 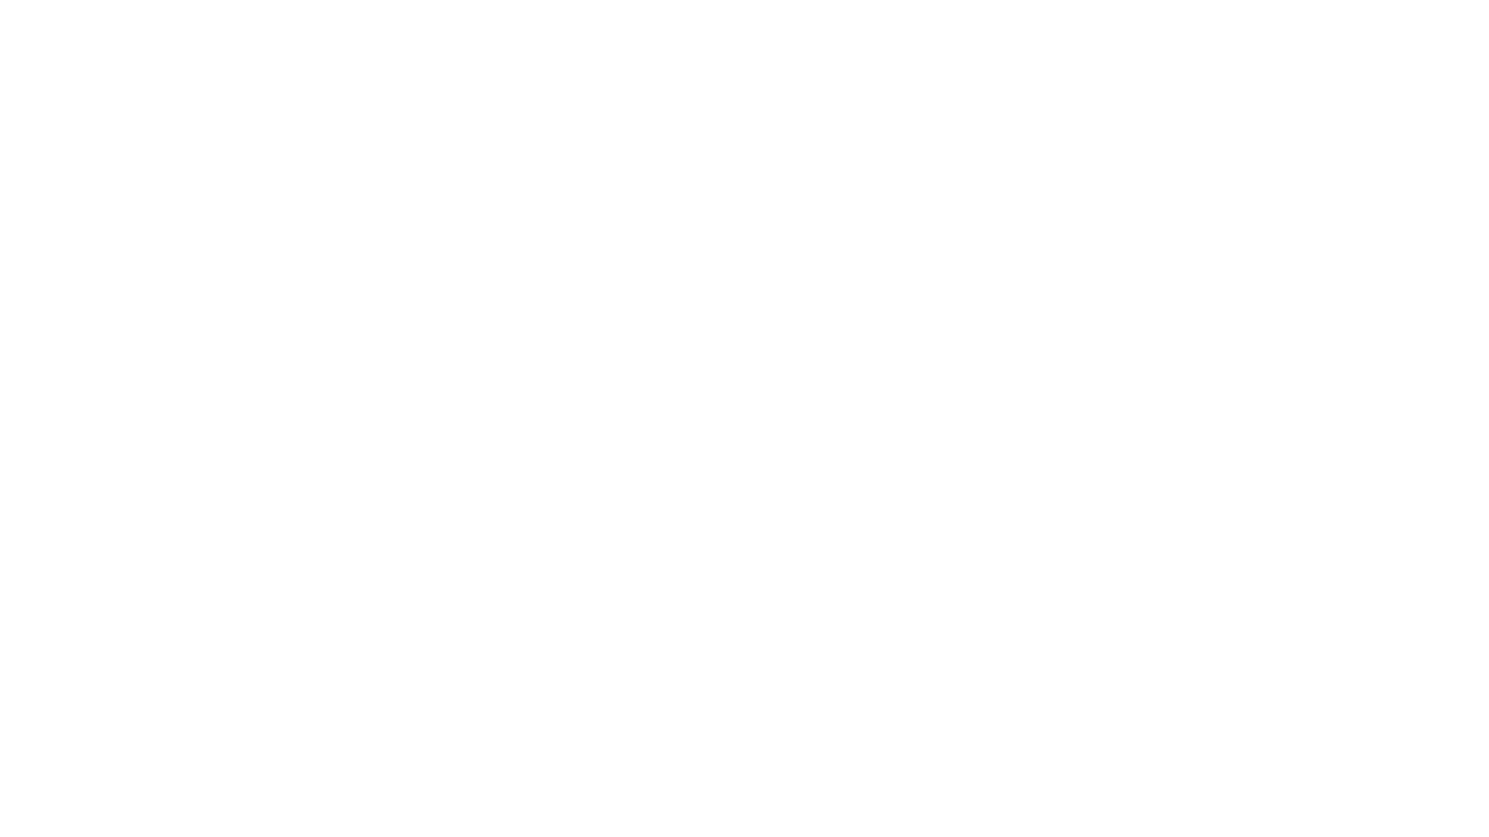 What do you see at coordinates (1072, 20) in the screenshot?
I see `Open Player Settings` at bounding box center [1072, 20].